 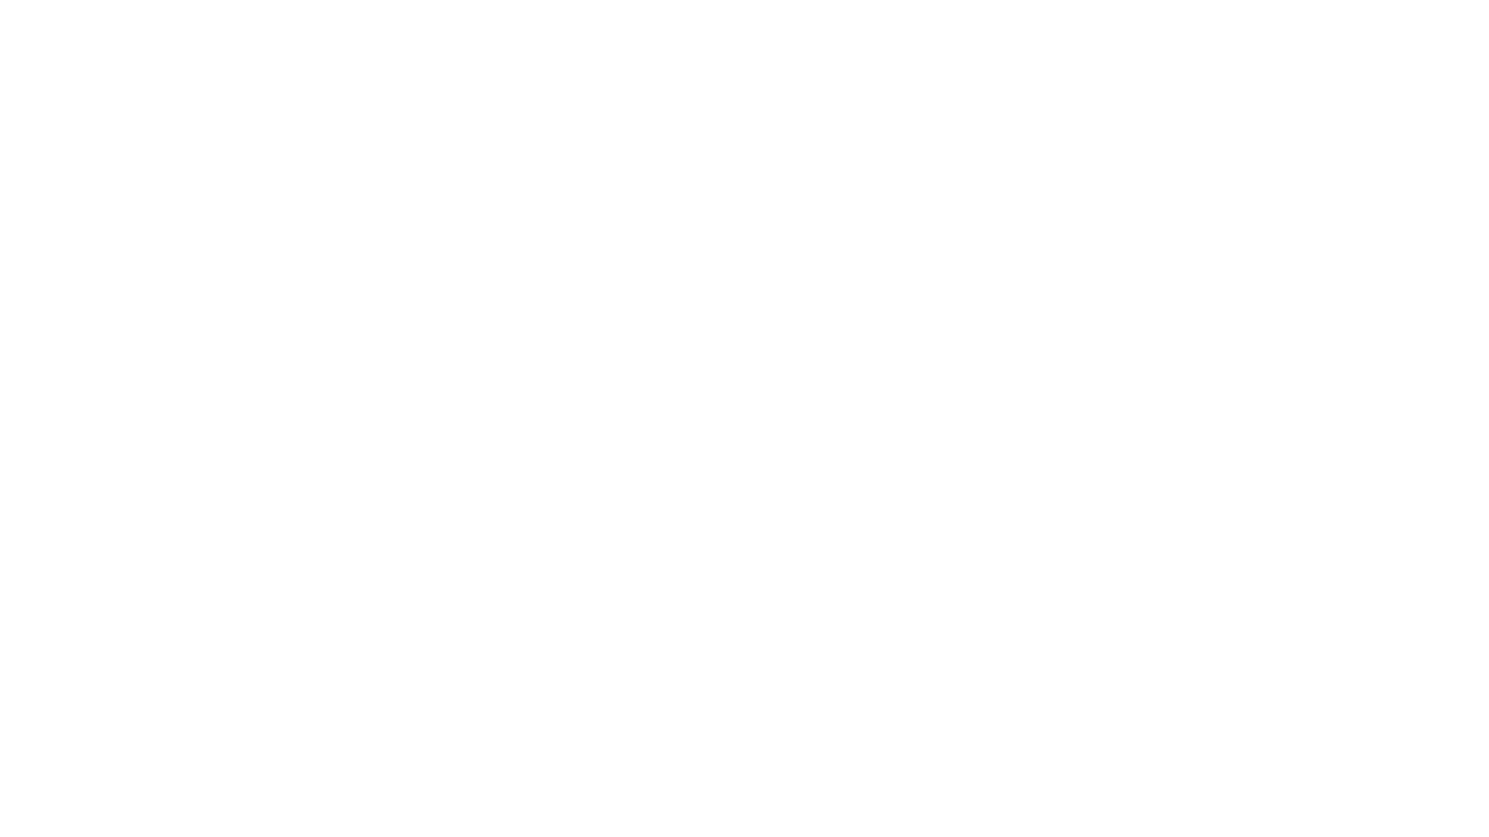 What do you see at coordinates (1072, 20) in the screenshot?
I see `Open Player Settings` at bounding box center [1072, 20].